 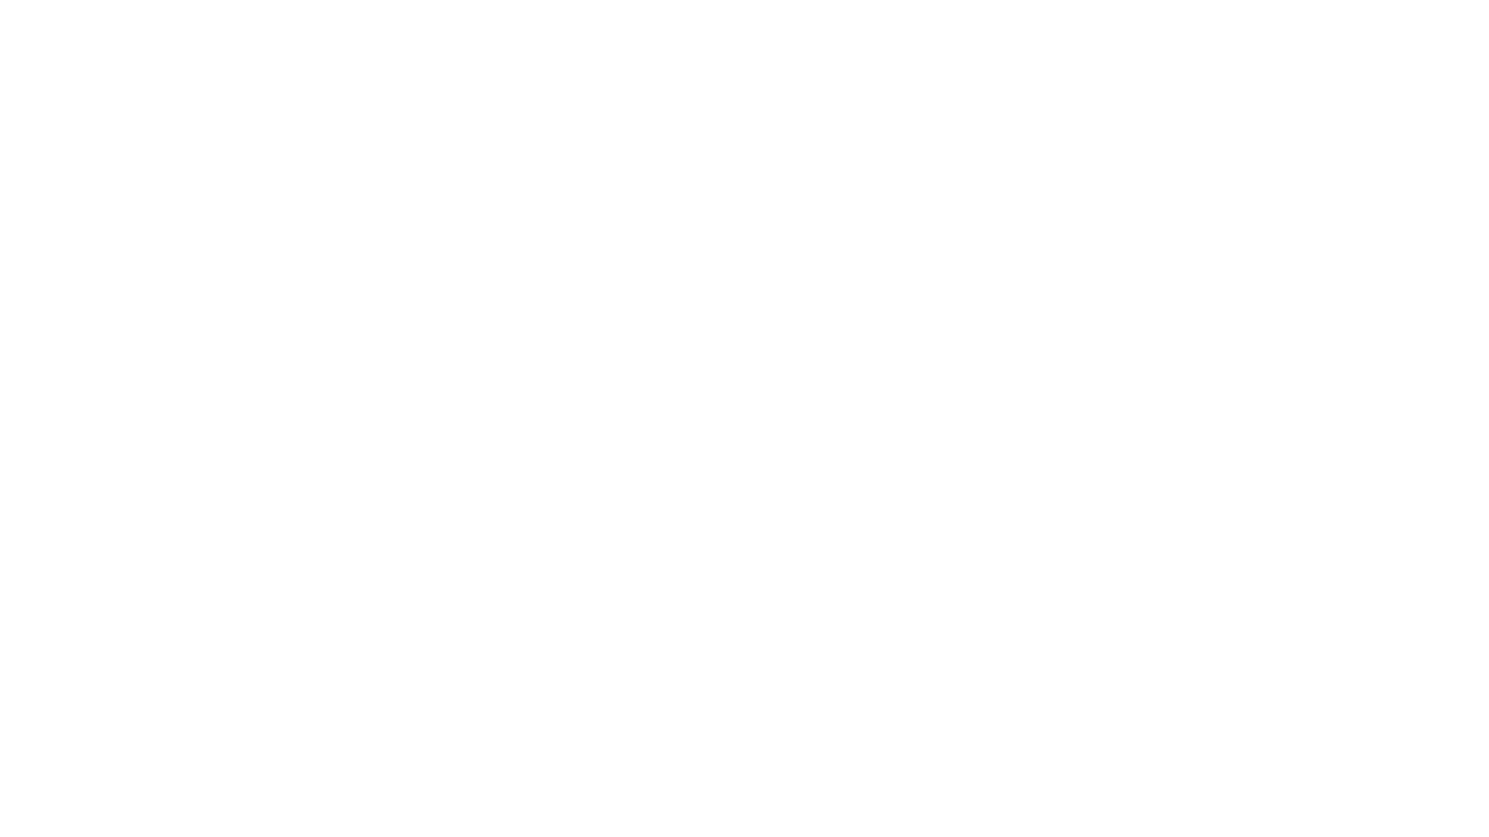 What do you see at coordinates (1072, 20) in the screenshot?
I see `Open Player Settings` at bounding box center [1072, 20].